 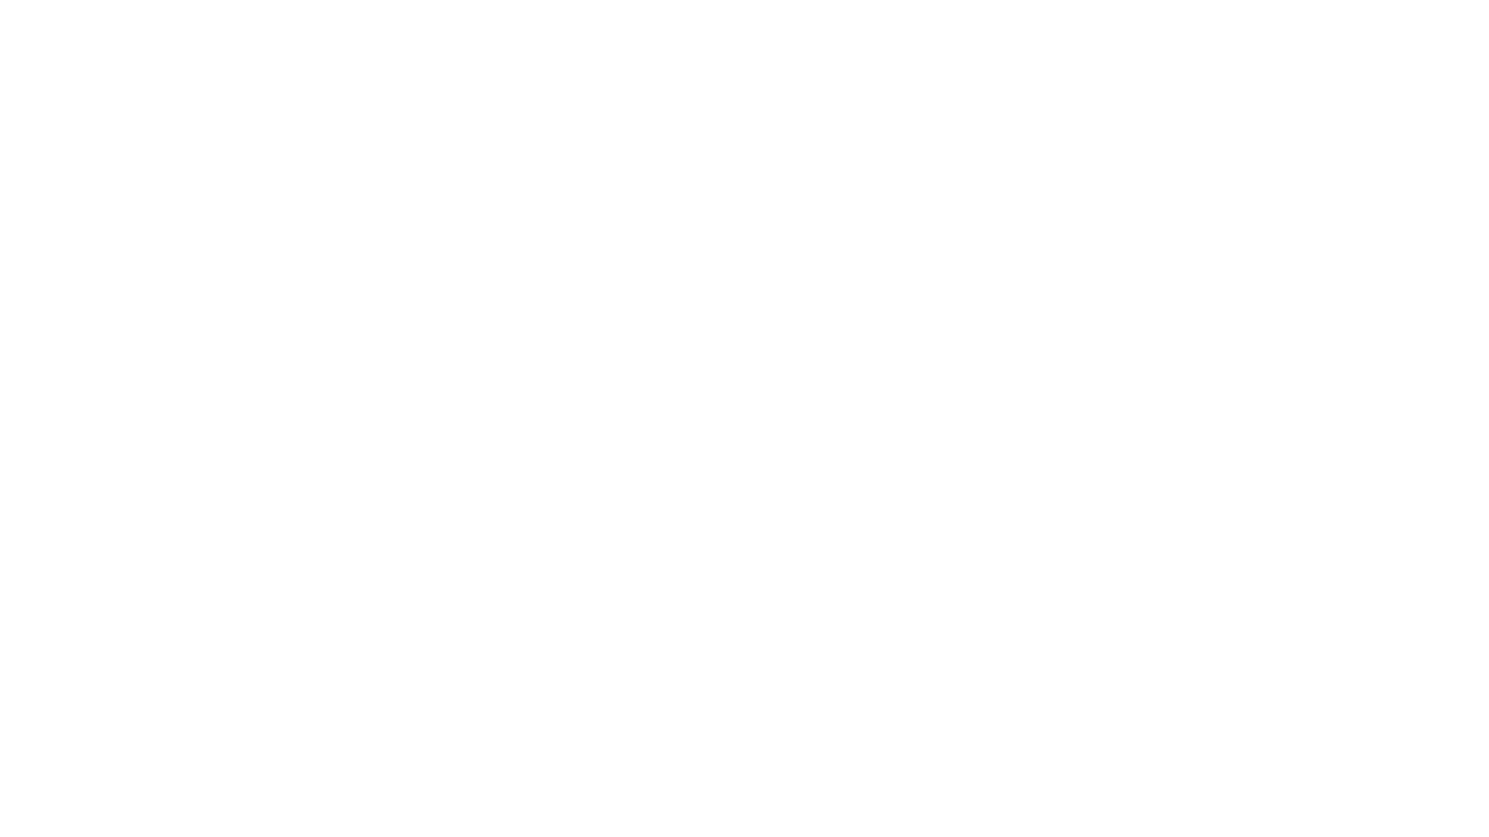 What do you see at coordinates (1072, 20) in the screenshot?
I see `Open Player Settings` at bounding box center [1072, 20].